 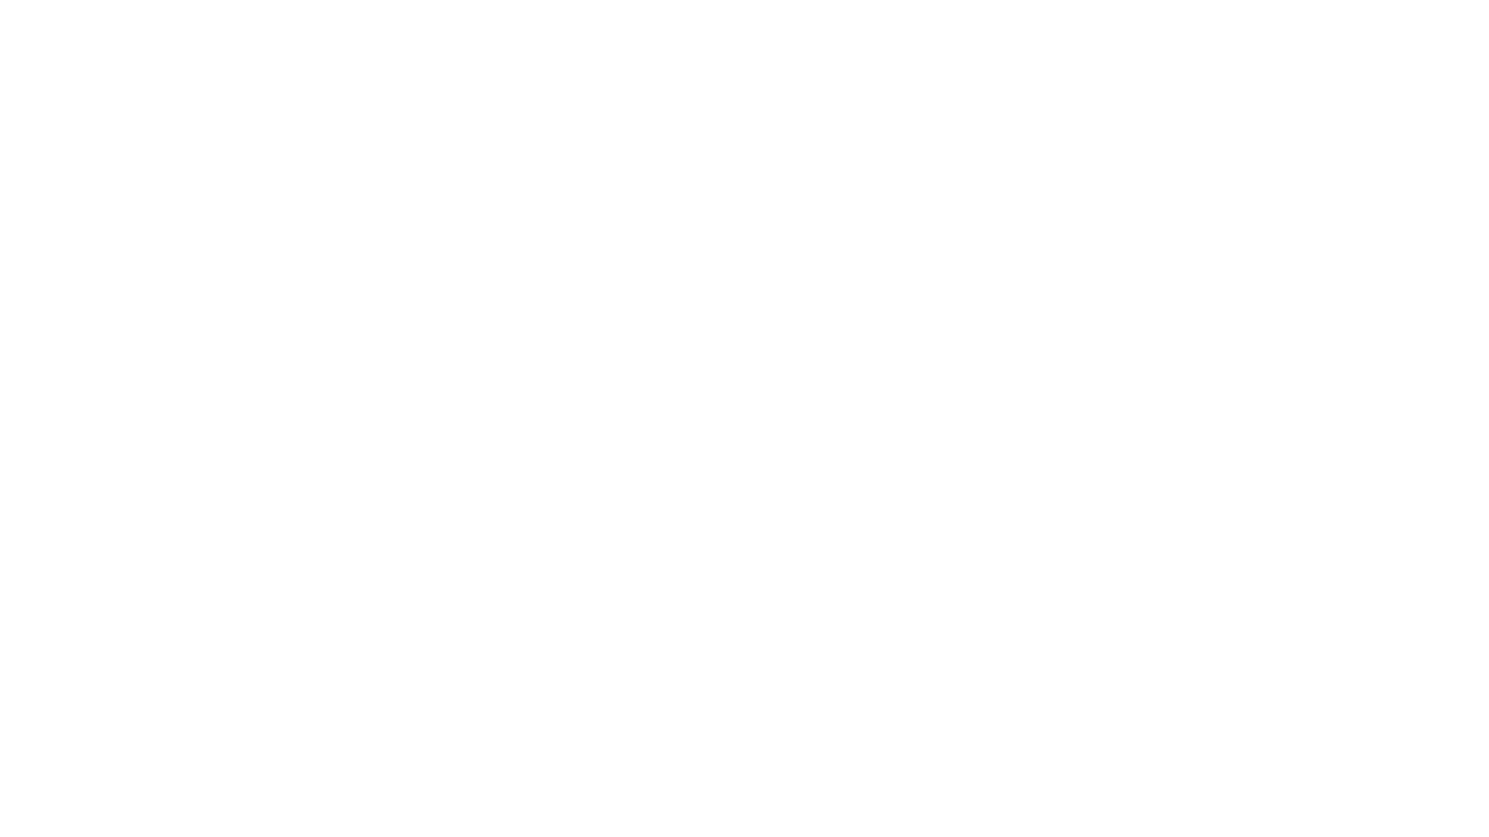 What do you see at coordinates (1072, 20) in the screenshot?
I see `Open Player Settings` at bounding box center [1072, 20].